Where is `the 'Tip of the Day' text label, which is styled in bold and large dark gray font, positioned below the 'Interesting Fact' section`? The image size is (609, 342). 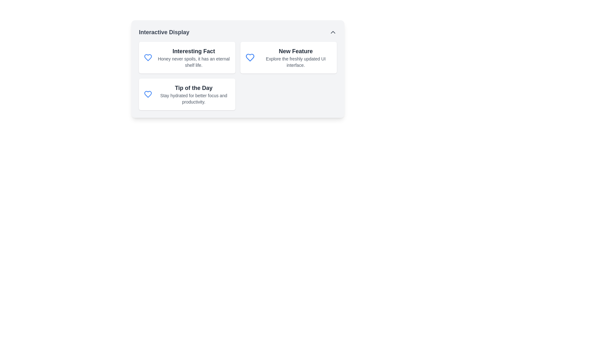
the 'Tip of the Day' text label, which is styled in bold and large dark gray font, positioned below the 'Interesting Fact' section is located at coordinates (193, 88).